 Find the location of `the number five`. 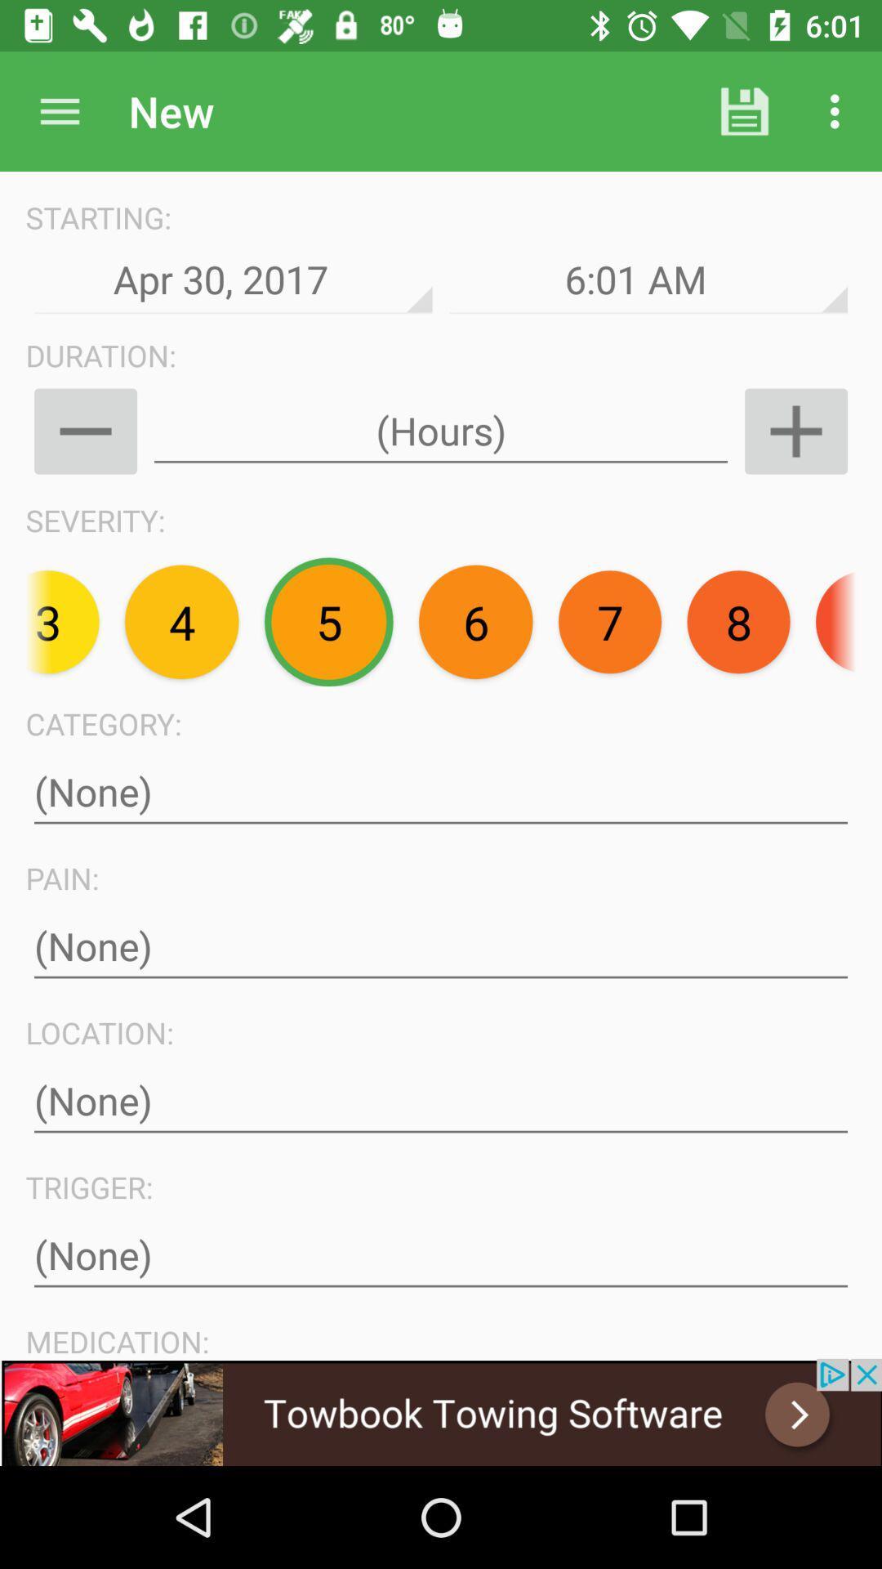

the number five is located at coordinates (328, 621).